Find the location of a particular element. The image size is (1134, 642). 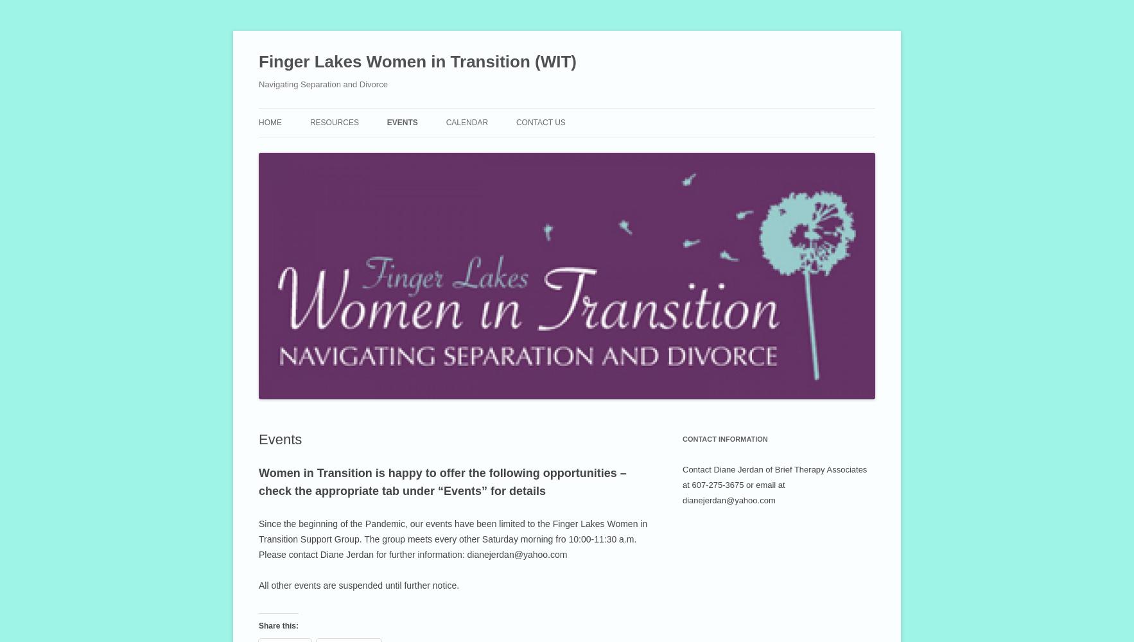

'Contact Information' is located at coordinates (681, 439).